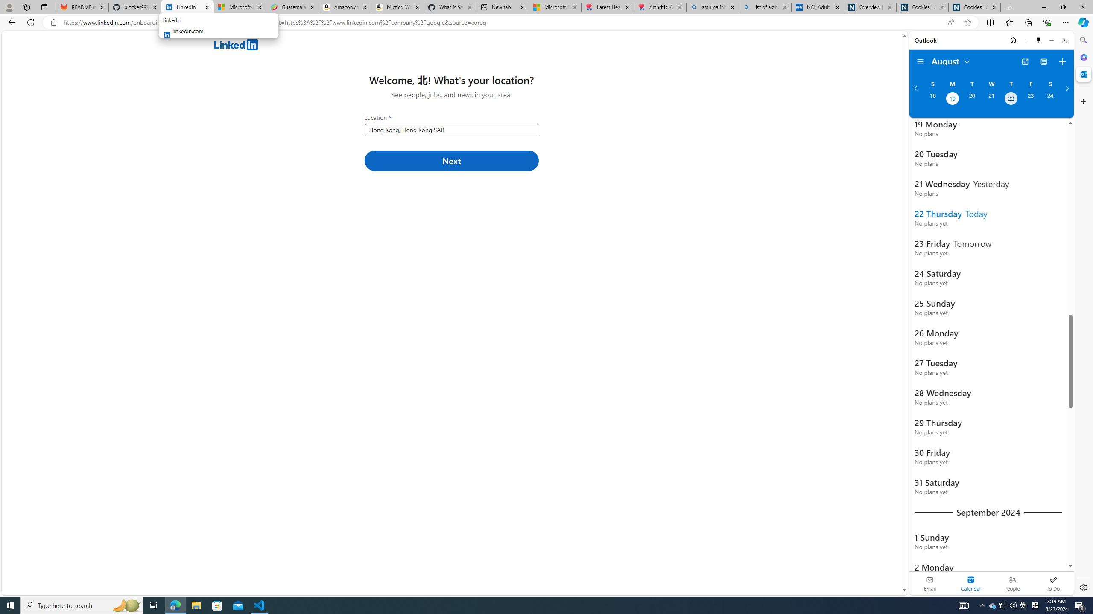 The height and width of the screenshot is (614, 1093). What do you see at coordinates (1011, 99) in the screenshot?
I see `'Thursday, August 22, 2024. Today. '` at bounding box center [1011, 99].